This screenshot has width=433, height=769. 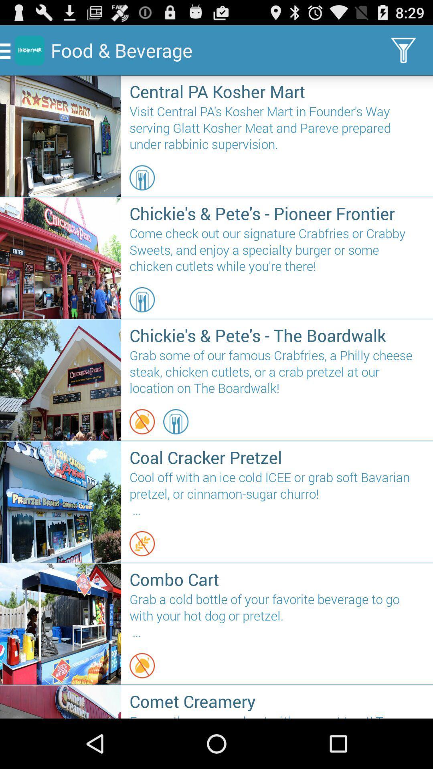 What do you see at coordinates (142, 544) in the screenshot?
I see `the icon below the cool off with` at bounding box center [142, 544].